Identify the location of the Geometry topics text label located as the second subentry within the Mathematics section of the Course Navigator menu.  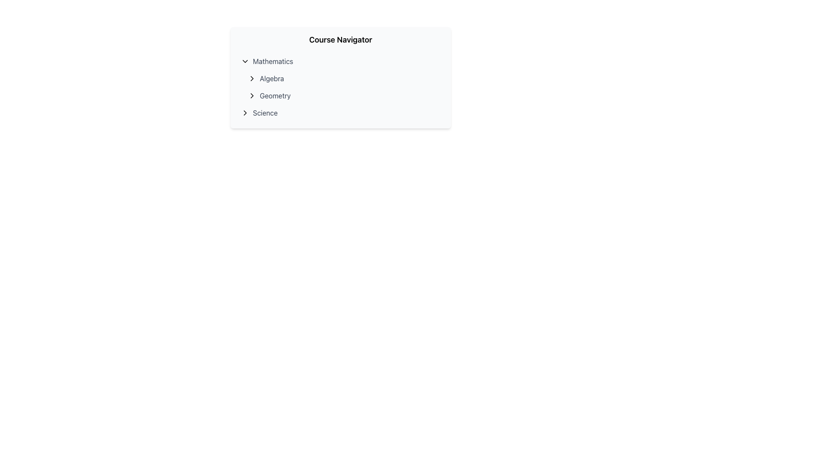
(274, 96).